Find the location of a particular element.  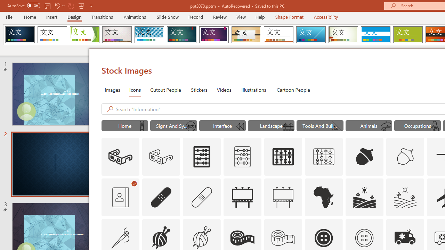

'Ion Boardroom' is located at coordinates (213, 35).